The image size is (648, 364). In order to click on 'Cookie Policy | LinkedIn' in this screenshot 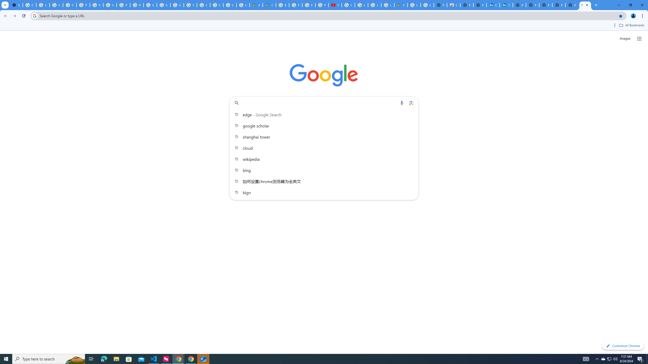, I will do `click(493, 5)`.